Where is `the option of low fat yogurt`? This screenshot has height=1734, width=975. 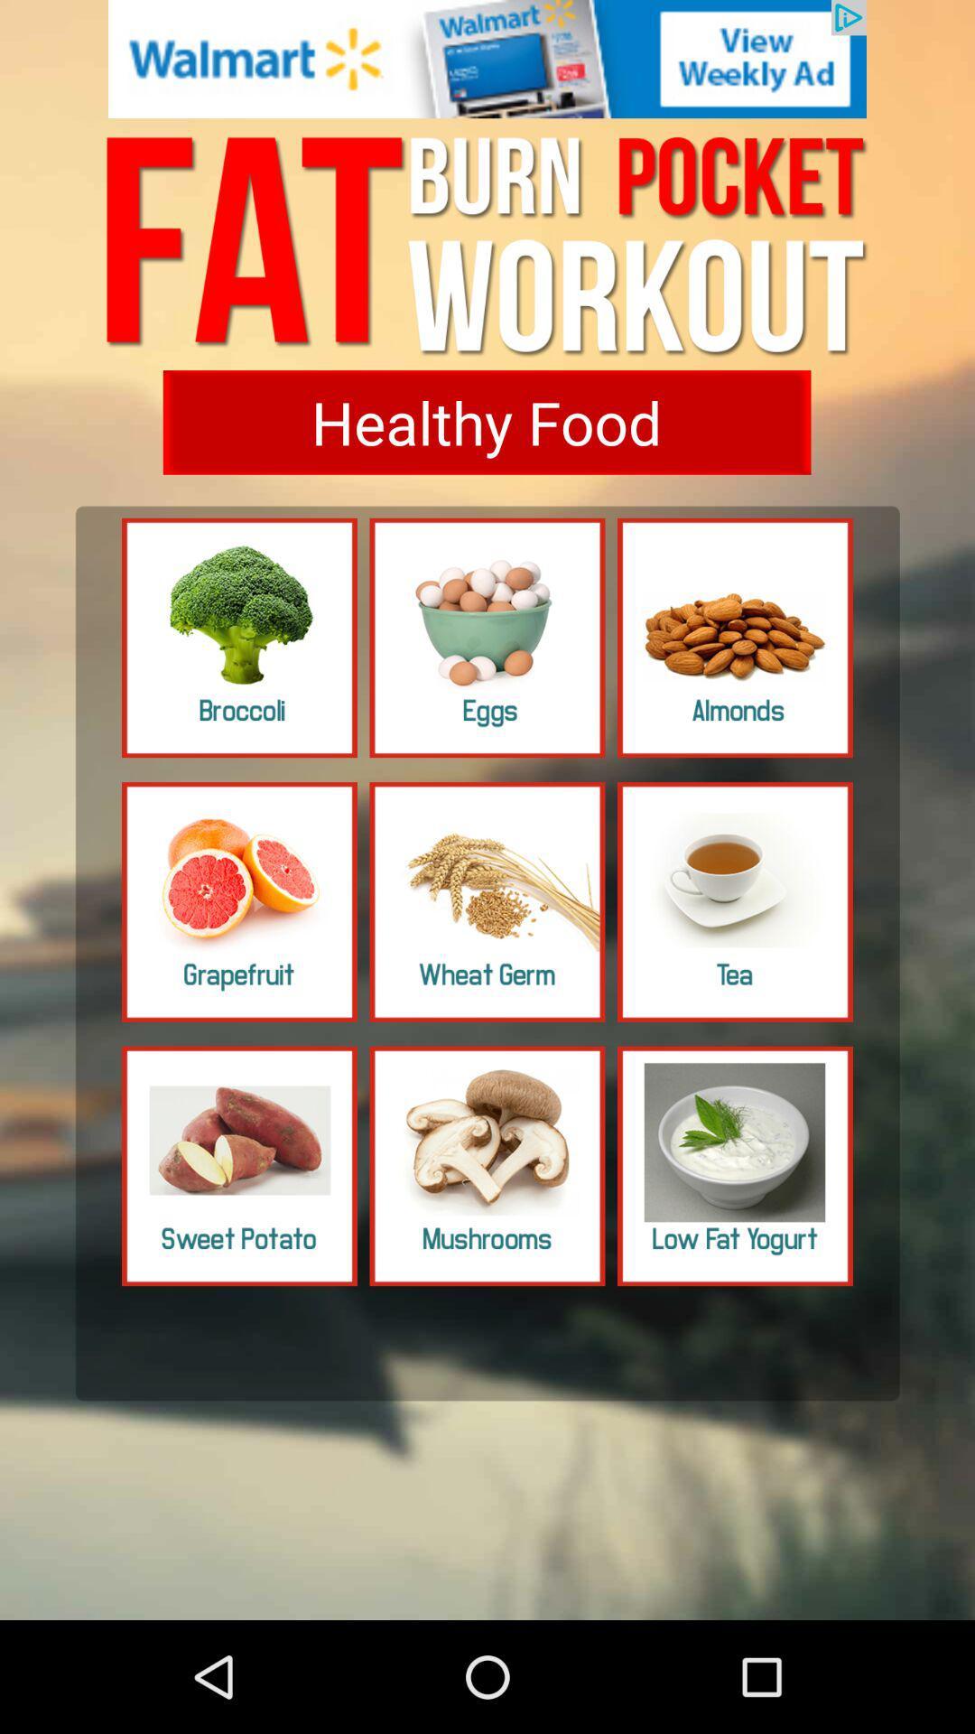 the option of low fat yogurt is located at coordinates (735, 1166).